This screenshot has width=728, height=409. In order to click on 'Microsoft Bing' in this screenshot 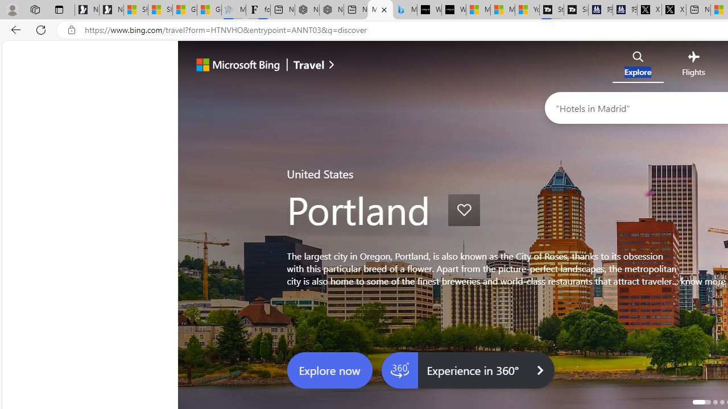, I will do `click(253, 66)`.